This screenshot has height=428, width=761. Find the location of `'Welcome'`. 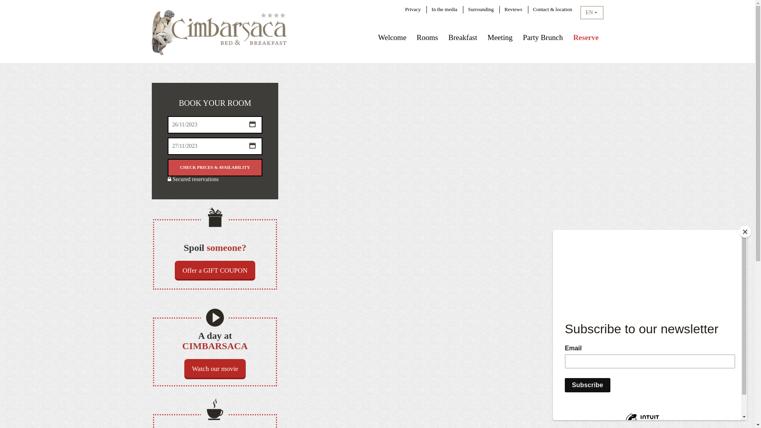

'Welcome' is located at coordinates (392, 37).